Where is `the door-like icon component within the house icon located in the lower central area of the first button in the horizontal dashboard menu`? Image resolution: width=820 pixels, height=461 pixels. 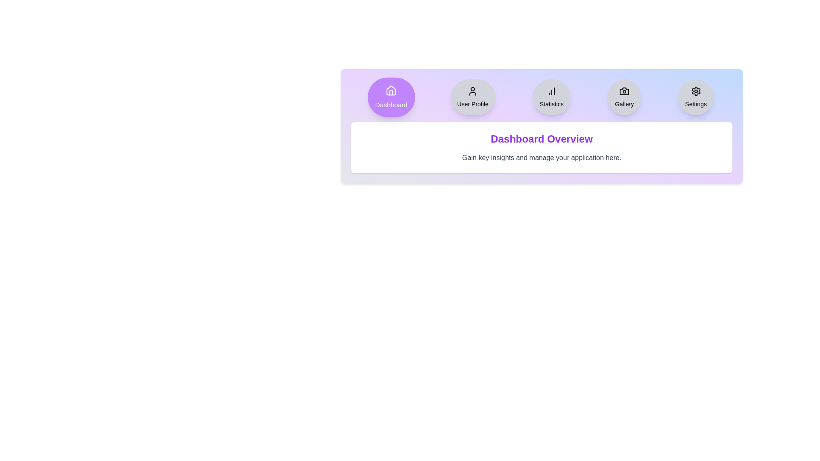
the door-like icon component within the house icon located in the lower central area of the first button in the horizontal dashboard menu is located at coordinates (391, 92).